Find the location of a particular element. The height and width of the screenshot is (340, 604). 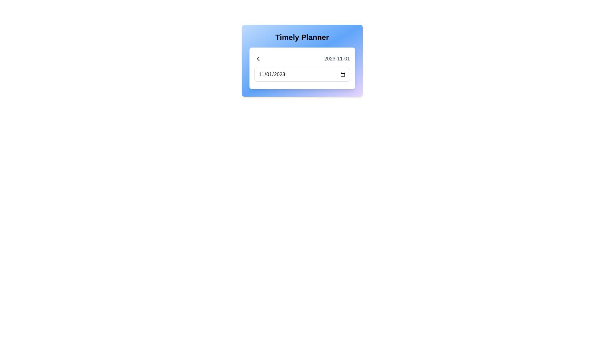

the SVG graphic chevron pointing left is located at coordinates (258, 59).